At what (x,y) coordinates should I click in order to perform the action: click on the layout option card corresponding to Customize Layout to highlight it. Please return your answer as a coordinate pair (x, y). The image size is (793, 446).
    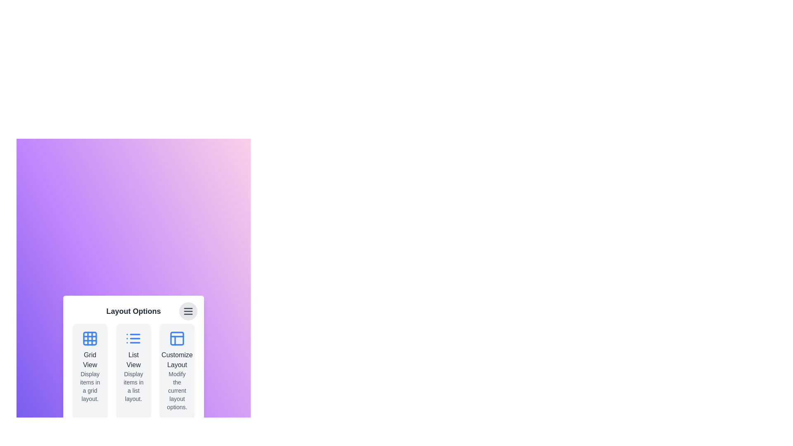
    Looking at the image, I should click on (176, 370).